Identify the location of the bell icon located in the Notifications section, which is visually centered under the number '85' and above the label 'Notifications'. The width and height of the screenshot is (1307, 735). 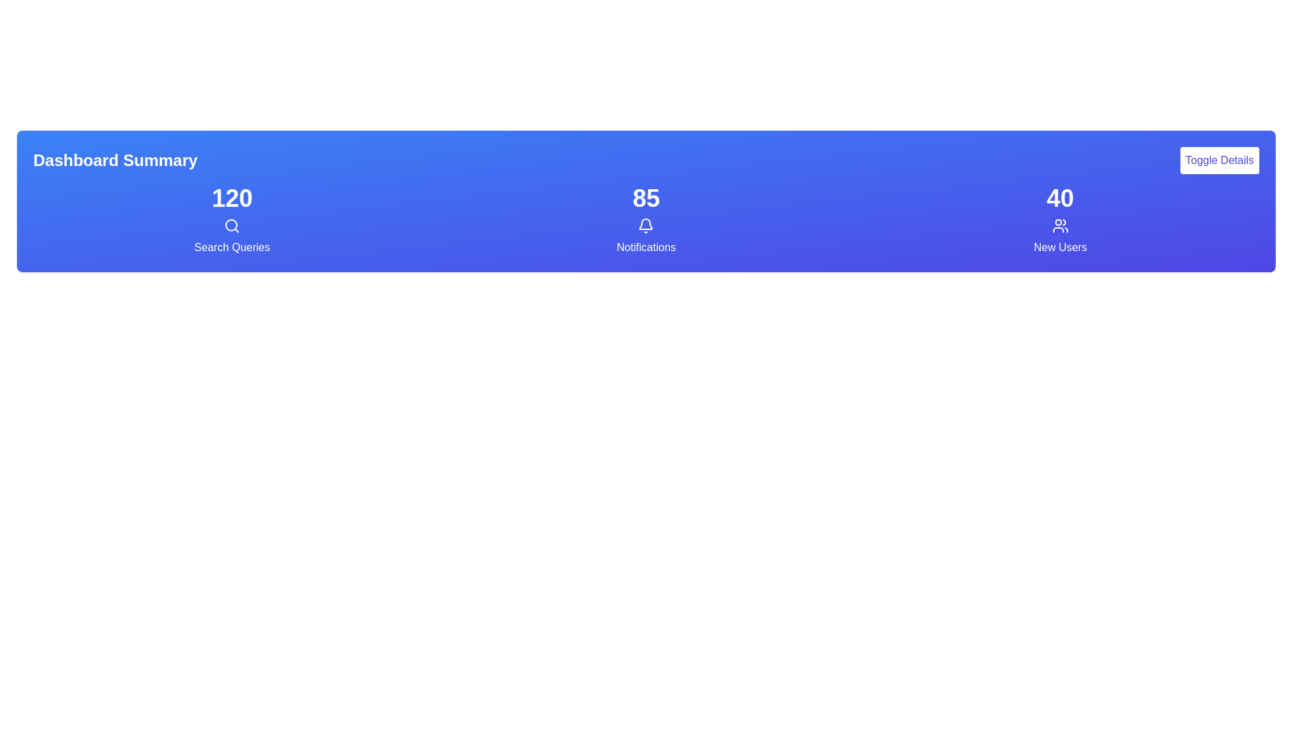
(645, 225).